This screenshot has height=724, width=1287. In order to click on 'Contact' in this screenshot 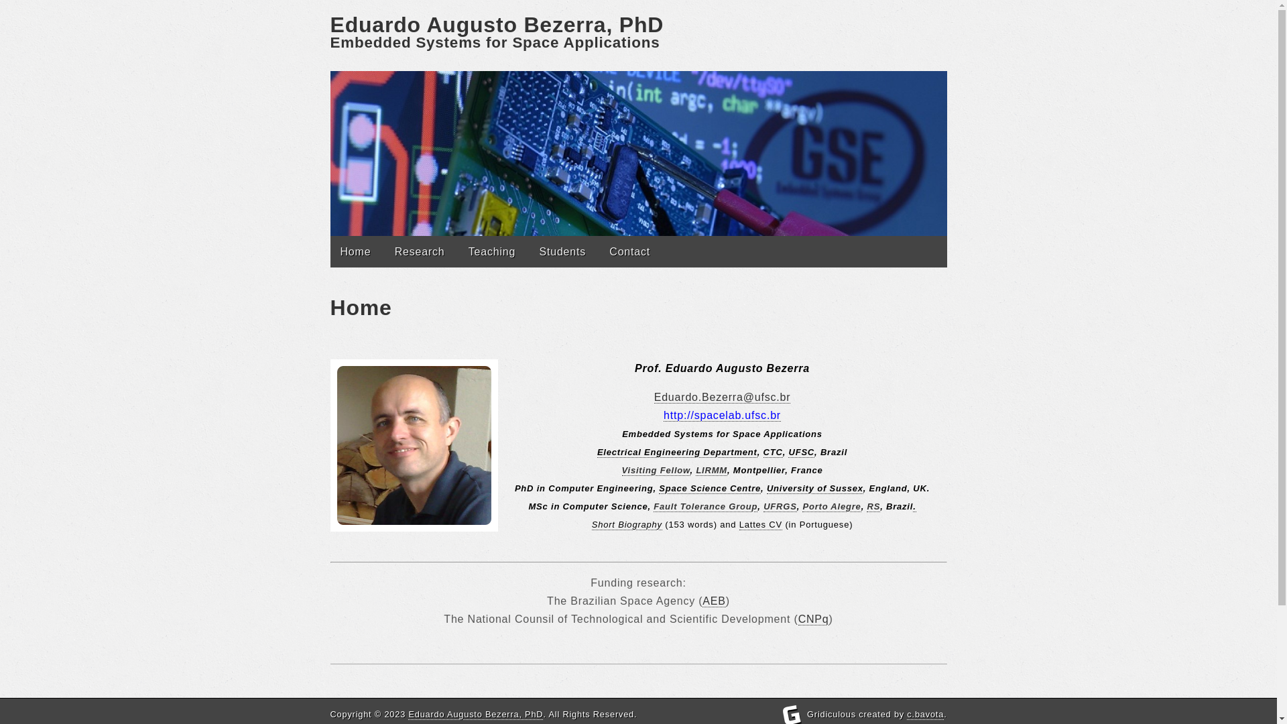, I will do `click(629, 251)`.